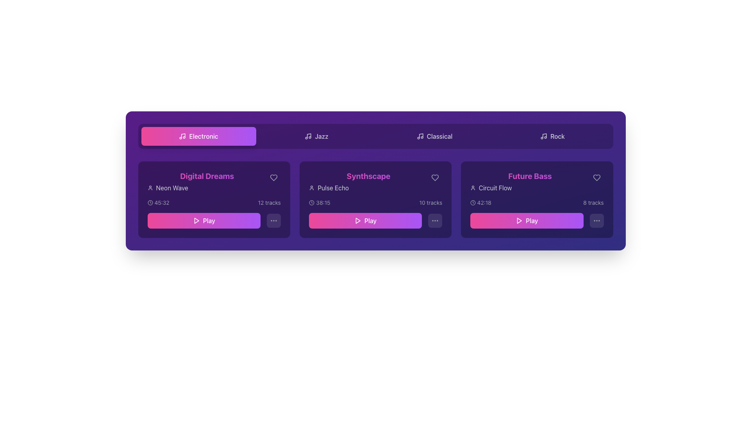 Image resolution: width=750 pixels, height=422 pixels. Describe the element at coordinates (435, 178) in the screenshot. I see `the heart-shaped button icon in the top-right section of the 'Synthscape' card` at that location.